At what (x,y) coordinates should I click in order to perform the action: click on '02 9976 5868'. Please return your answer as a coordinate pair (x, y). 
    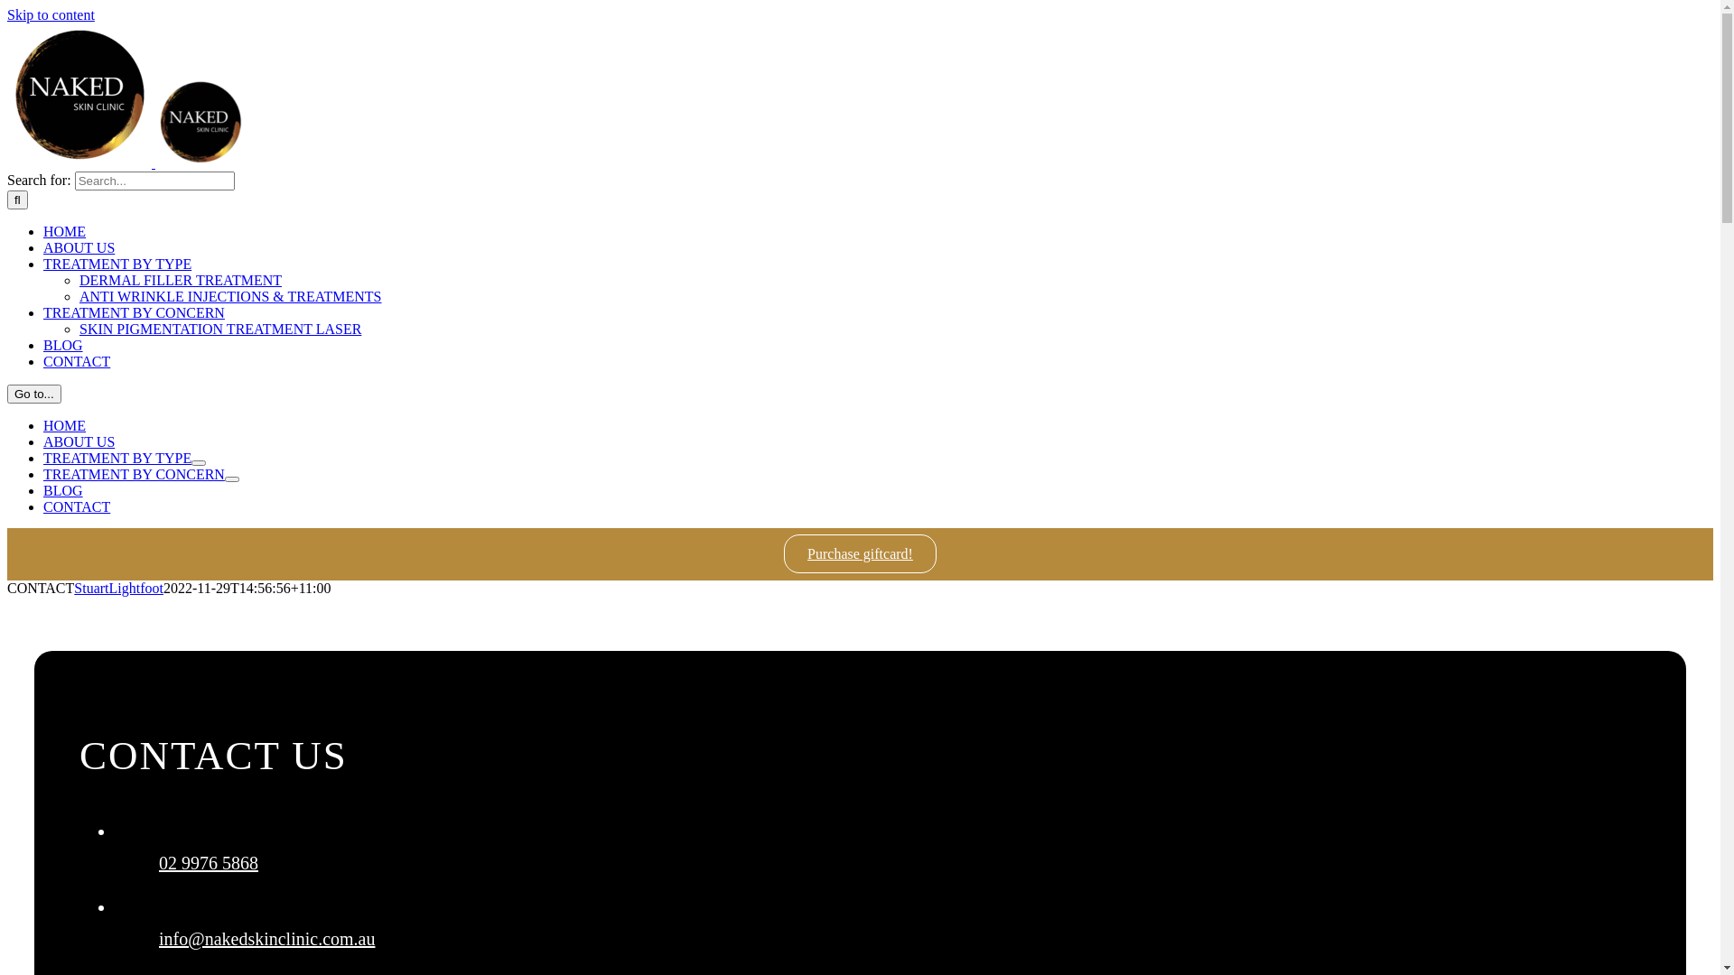
    Looking at the image, I should click on (208, 862).